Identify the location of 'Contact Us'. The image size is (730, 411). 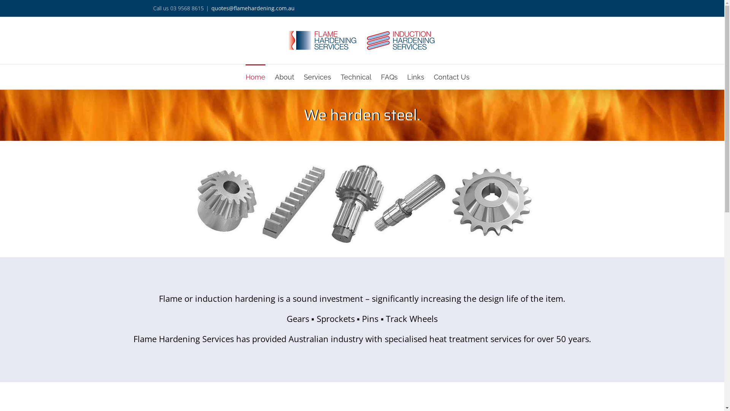
(451, 76).